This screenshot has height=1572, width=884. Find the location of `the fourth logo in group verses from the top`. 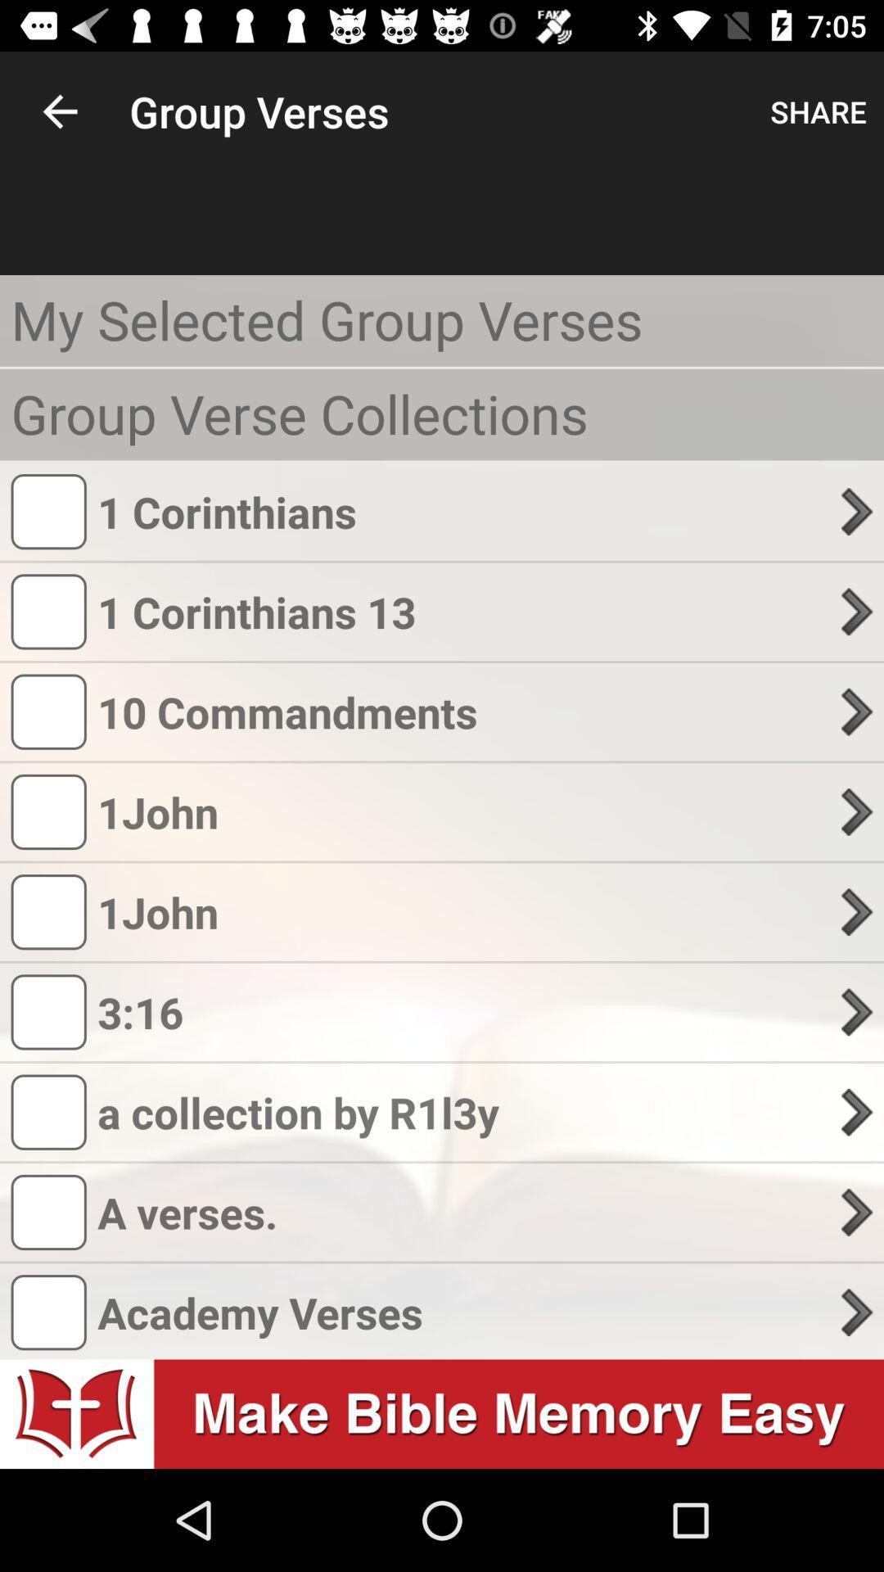

the fourth logo in group verses from the top is located at coordinates (48, 812).